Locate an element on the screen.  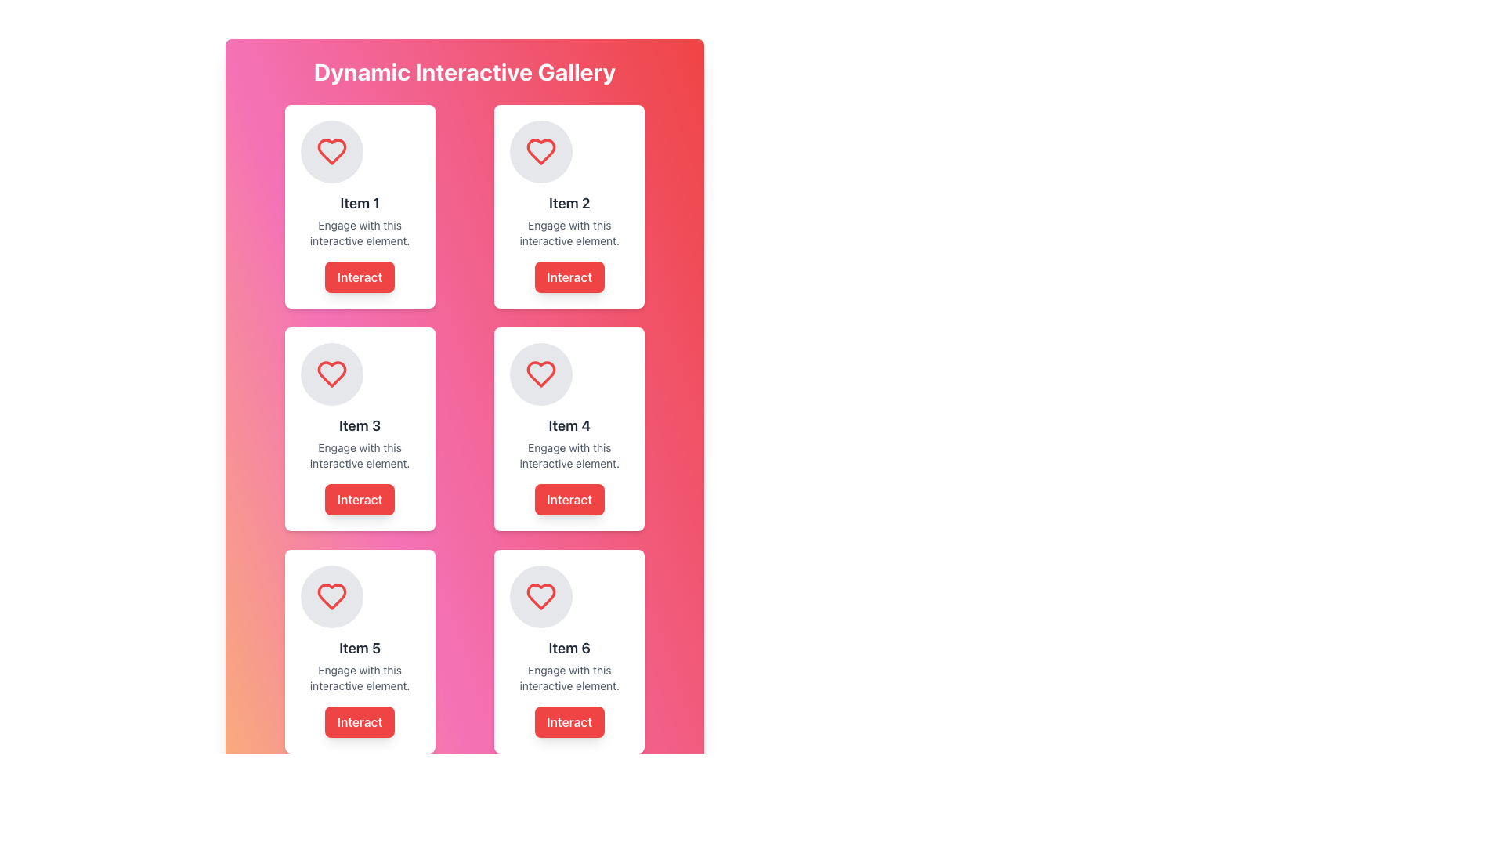
the text block that displays 'Engage with this interactive element.' located beneath the title 'Item 1' in the card layout is located at coordinates (359, 233).